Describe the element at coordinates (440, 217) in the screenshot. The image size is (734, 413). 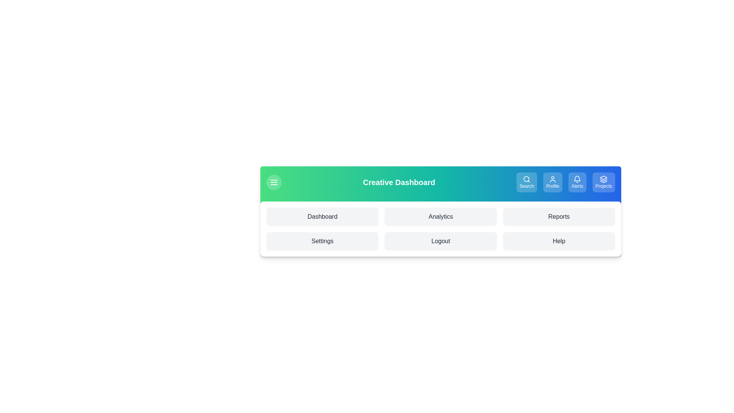
I see `the menu item labeled Analytics` at that location.